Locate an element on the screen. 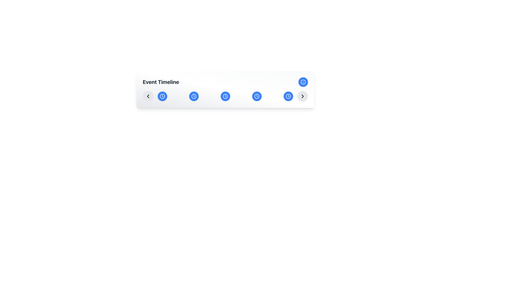 The width and height of the screenshot is (508, 285). the decorative blue information icon located is located at coordinates (303, 82).